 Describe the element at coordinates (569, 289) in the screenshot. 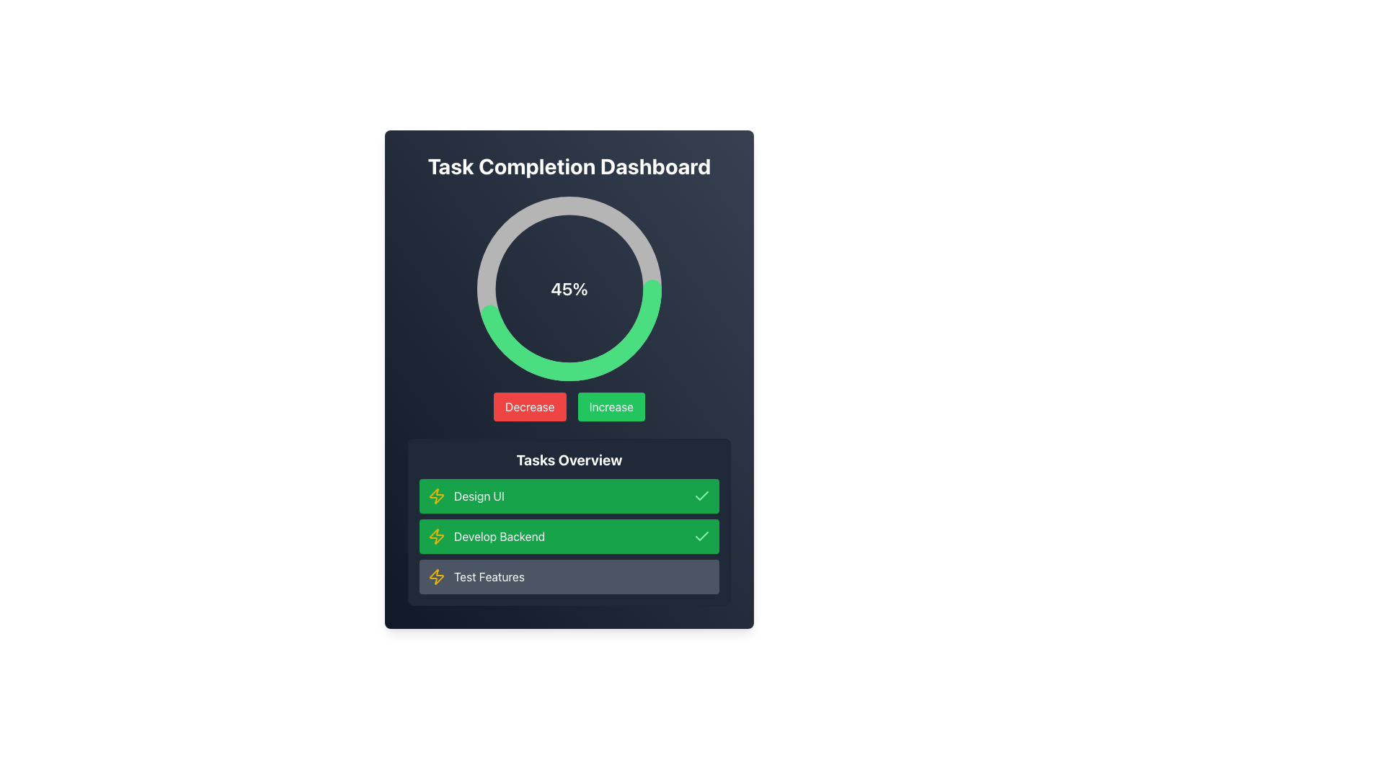

I see `the Circular Progress Indicator located near the top-center of the UI, which features a light gray stroke and a green section indicating progress` at that location.